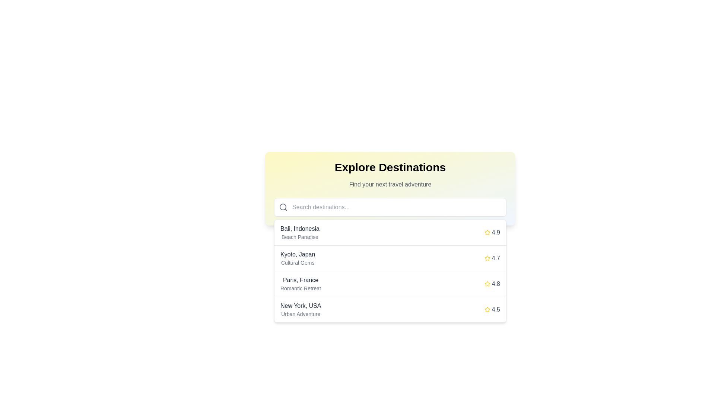  What do you see at coordinates (390, 284) in the screenshot?
I see `the third list item displaying information about a travel destination` at bounding box center [390, 284].